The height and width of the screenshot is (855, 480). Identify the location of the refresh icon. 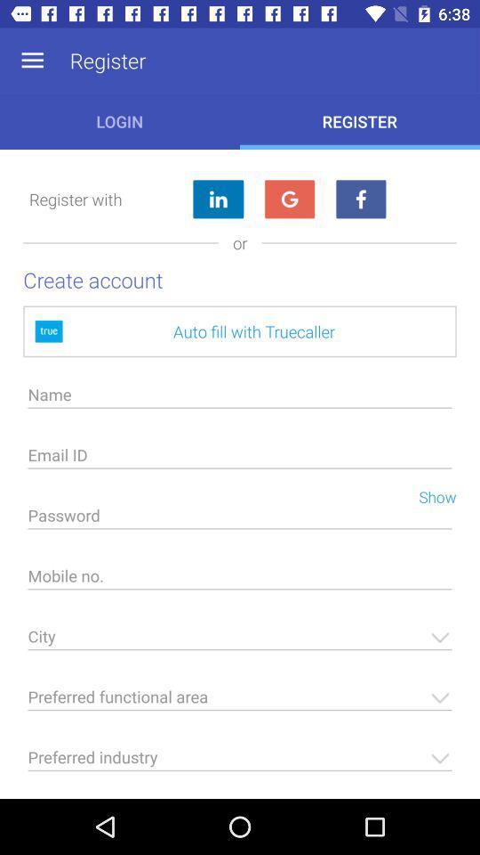
(289, 199).